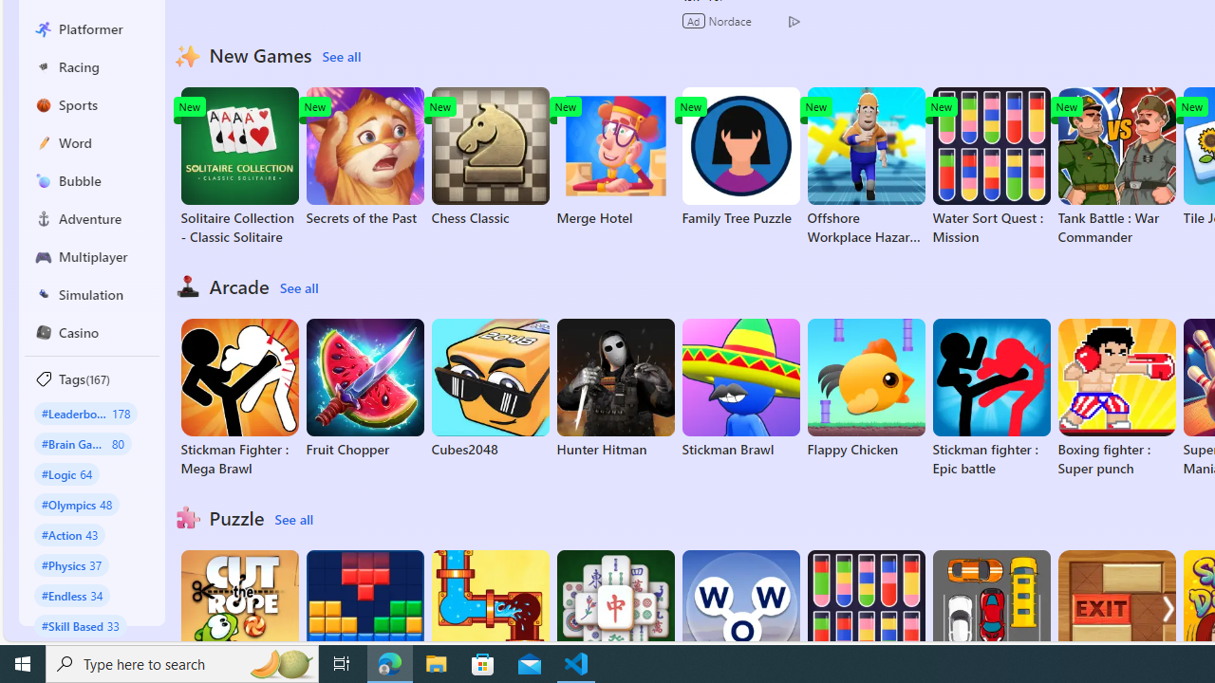  What do you see at coordinates (364, 156) in the screenshot?
I see `'Secrets of the Past'` at bounding box center [364, 156].